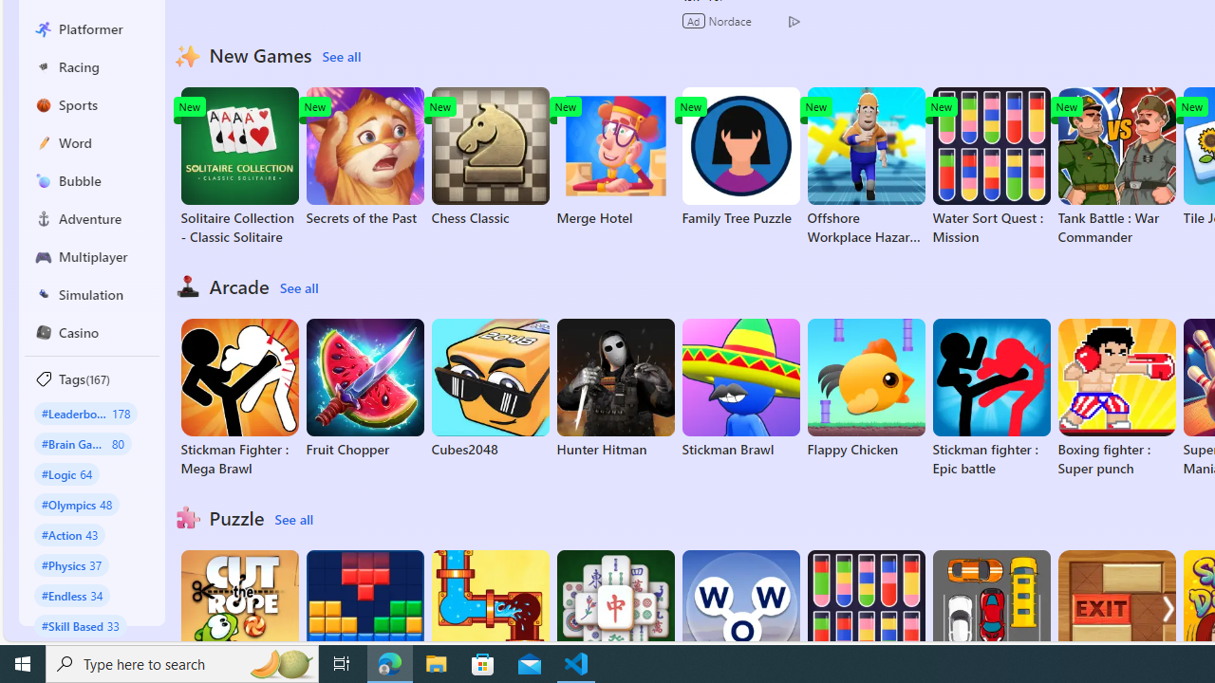  What do you see at coordinates (364, 156) in the screenshot?
I see `'Secrets of the Past'` at bounding box center [364, 156].